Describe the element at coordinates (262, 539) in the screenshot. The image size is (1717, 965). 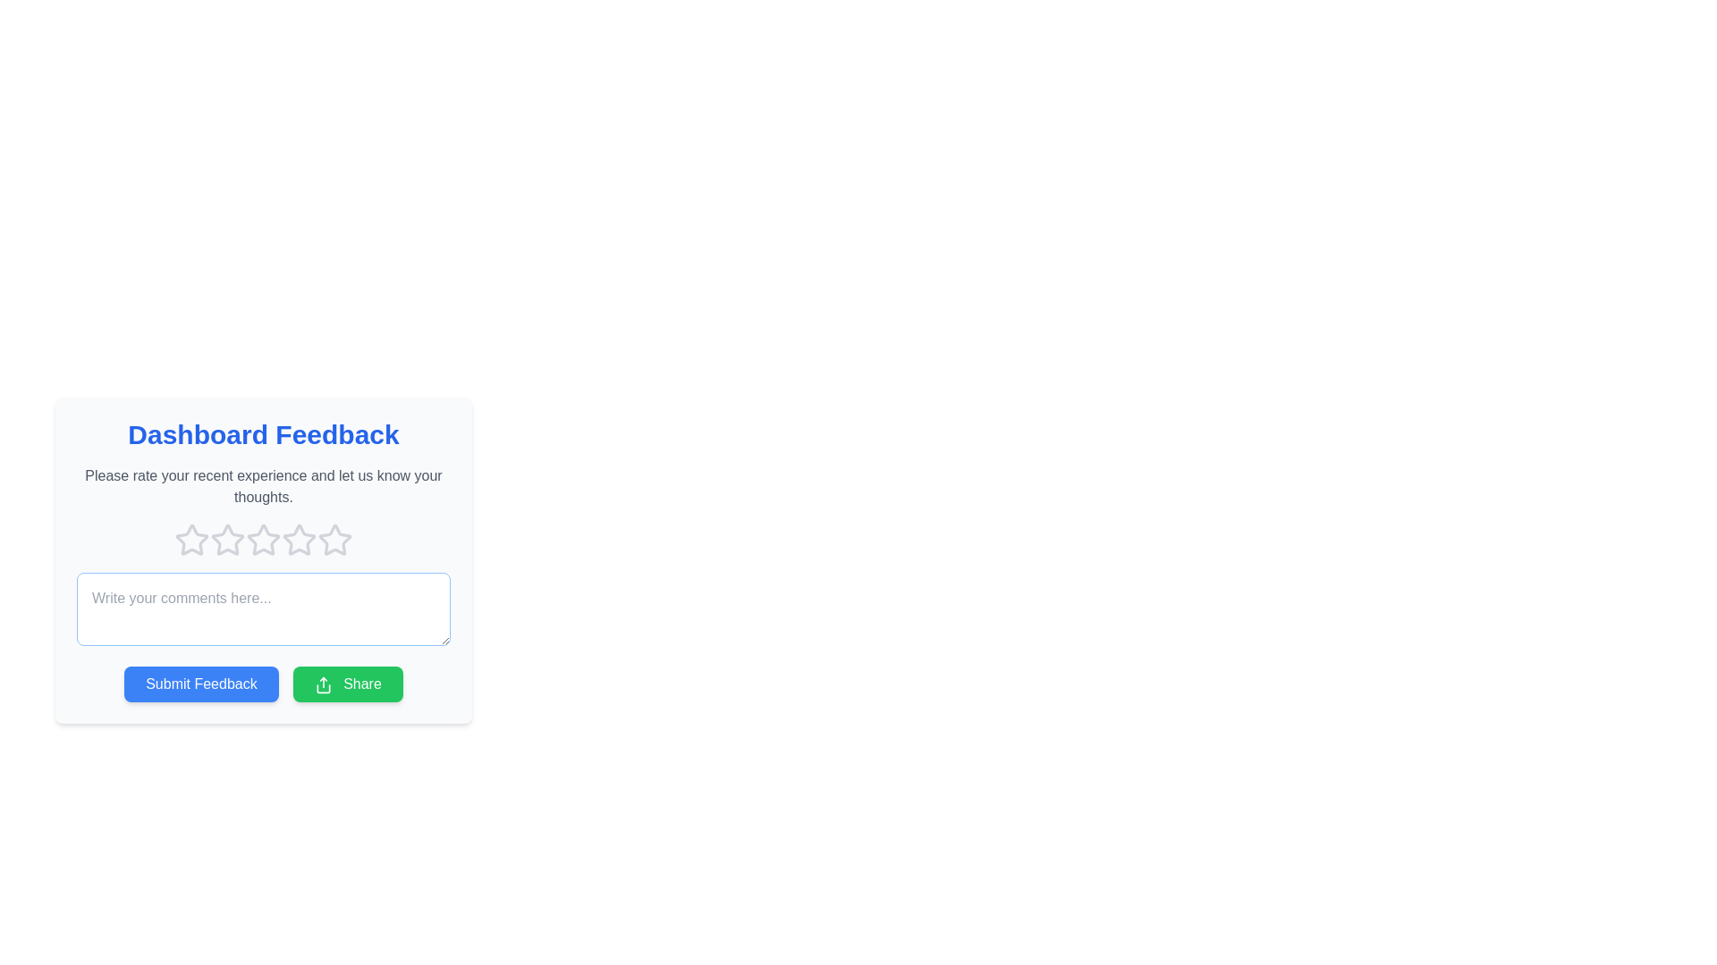
I see `the second star-shaped icon in the rating system located below the 'Dashboard Feedback' heading` at that location.